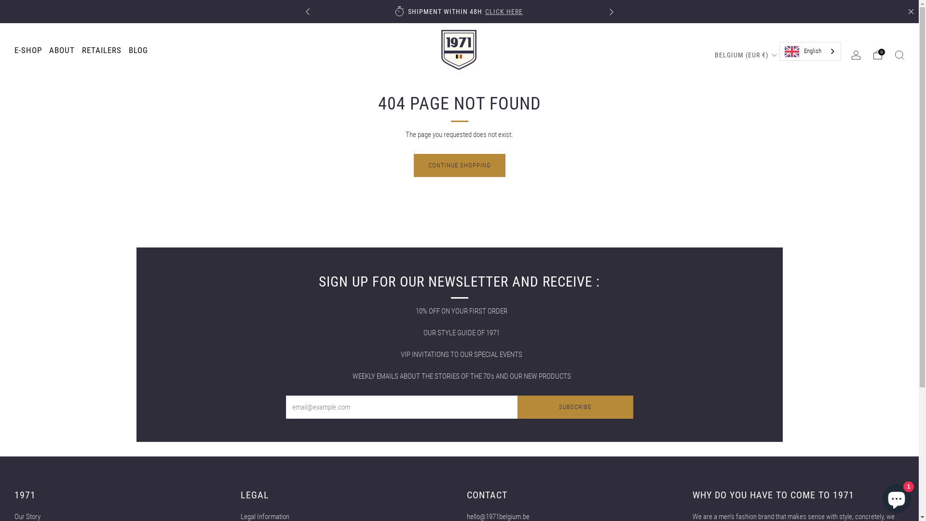 The height and width of the screenshot is (521, 926). What do you see at coordinates (82, 50) in the screenshot?
I see `'RETAILERS'` at bounding box center [82, 50].